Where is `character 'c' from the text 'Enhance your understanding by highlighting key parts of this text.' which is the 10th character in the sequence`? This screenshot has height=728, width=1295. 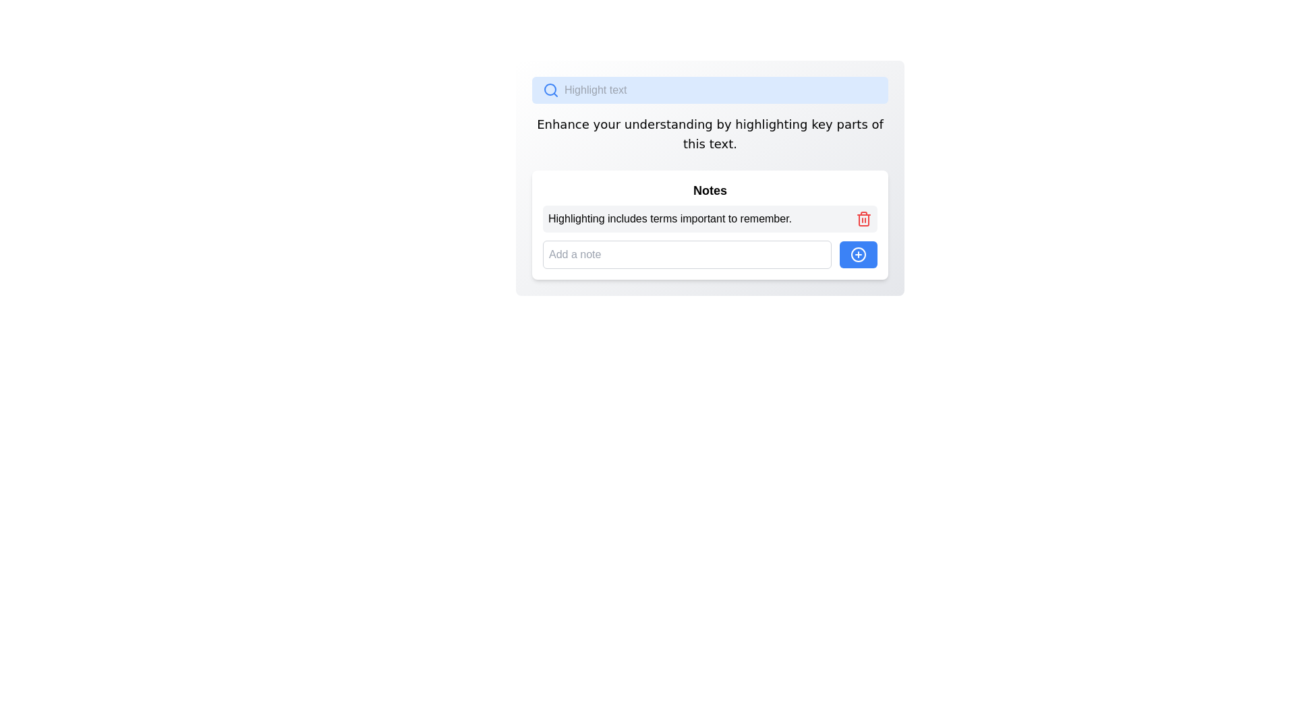 character 'c' from the text 'Enhance your understanding by highlighting key parts of this text.' which is the 10th character in the sequence is located at coordinates (578, 124).